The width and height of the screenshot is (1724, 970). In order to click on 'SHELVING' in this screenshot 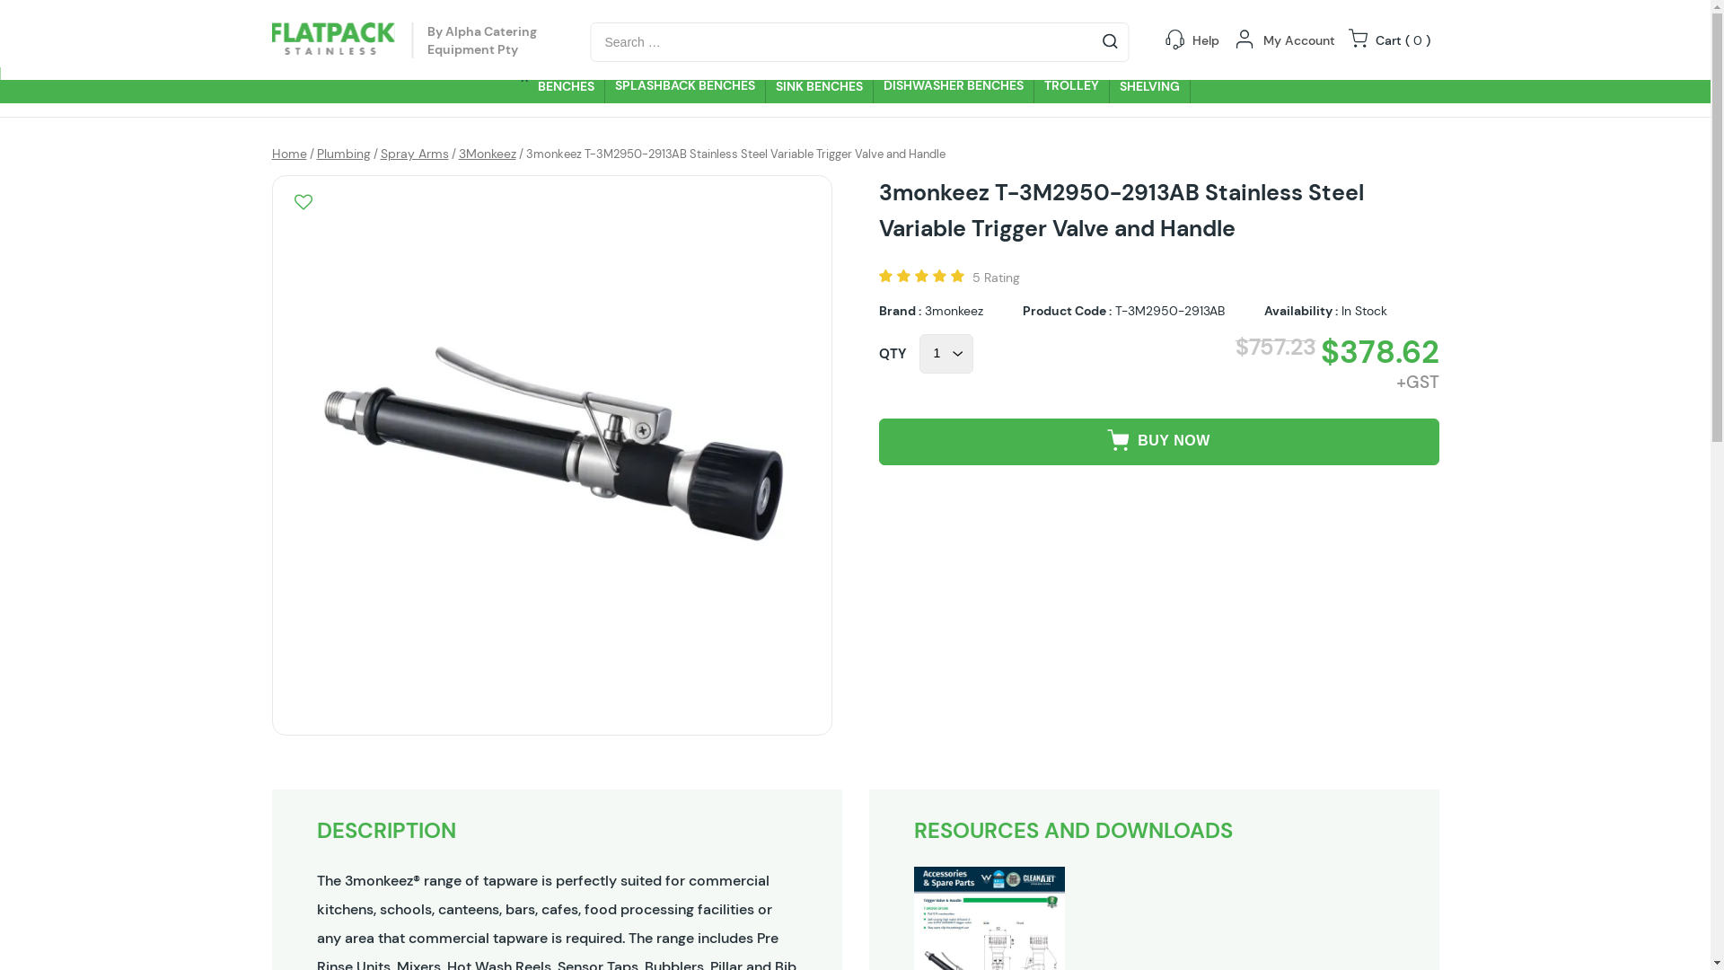, I will do `click(1150, 85)`.